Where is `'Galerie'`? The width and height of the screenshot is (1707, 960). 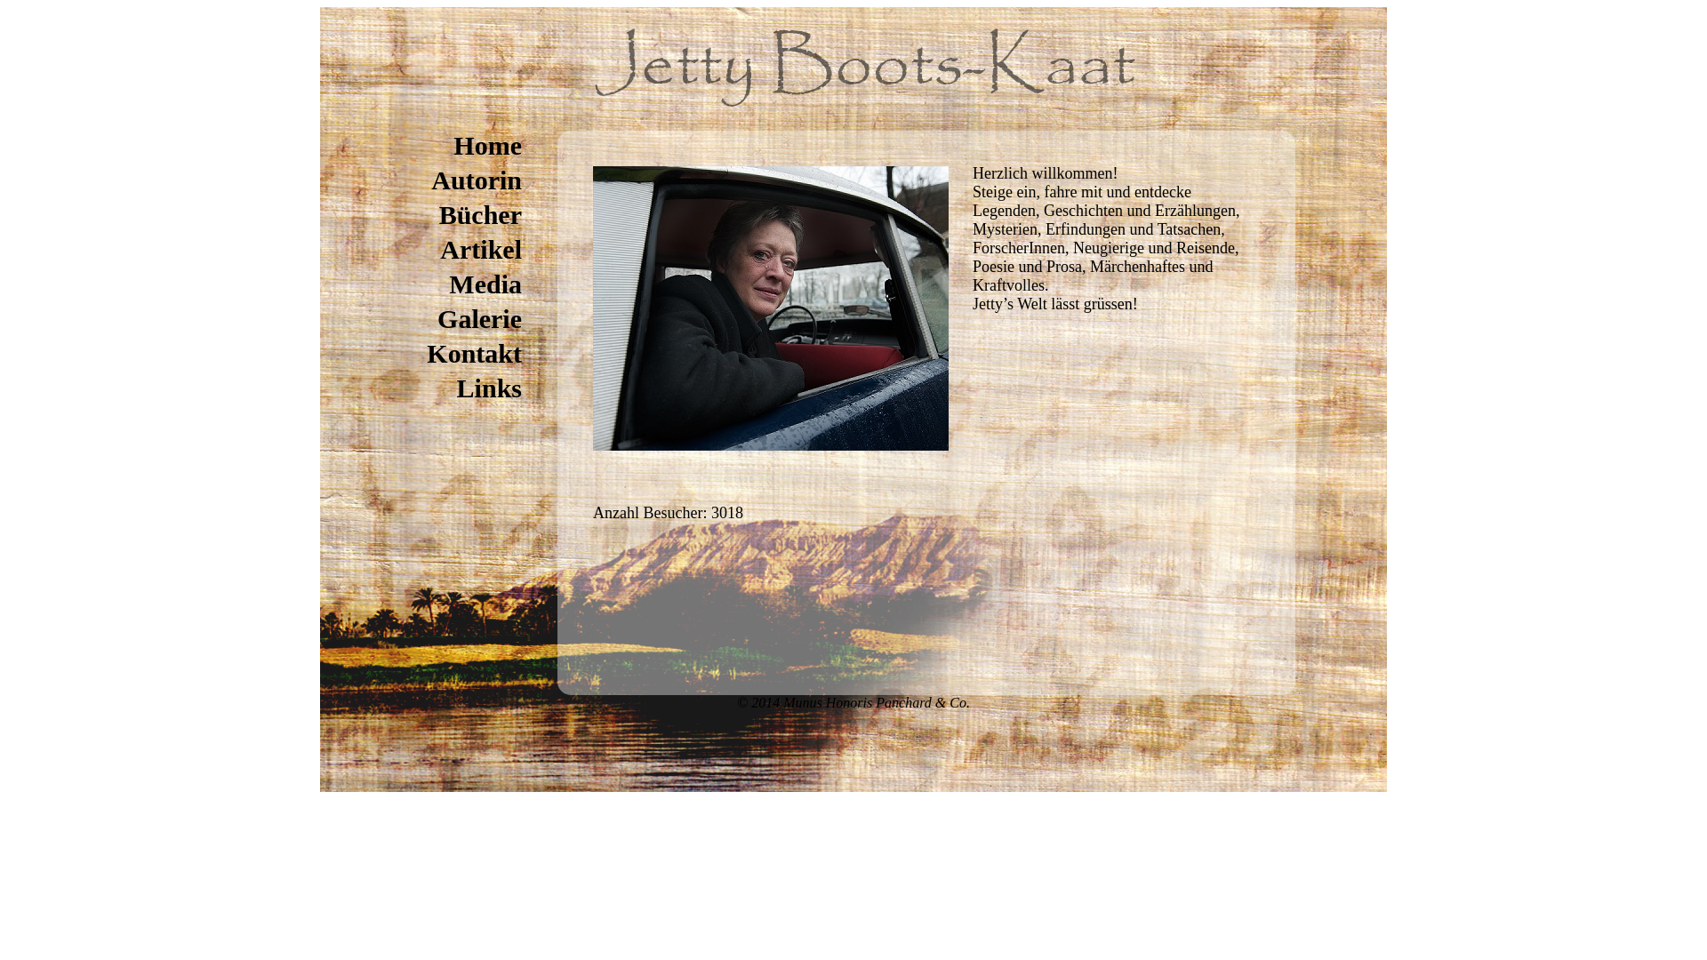
'Galerie' is located at coordinates (437, 317).